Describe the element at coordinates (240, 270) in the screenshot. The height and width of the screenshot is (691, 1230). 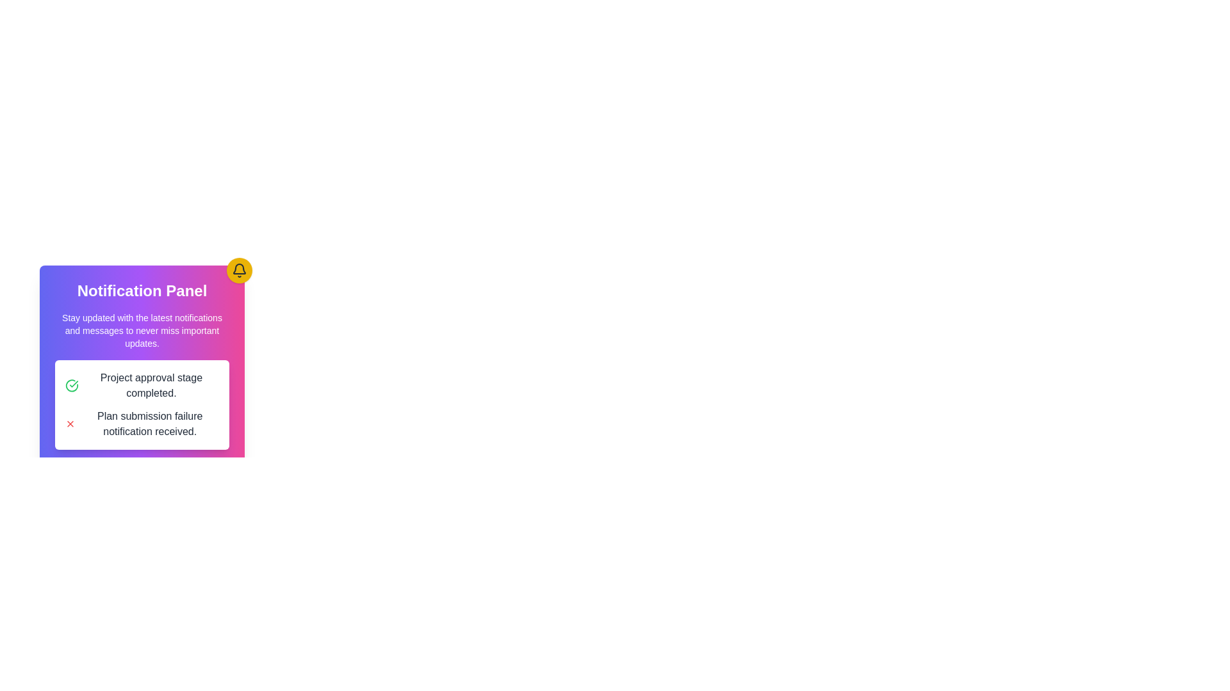
I see `the circular yellow badge with a black bell icon located at the top-right corner of the notification panel` at that location.